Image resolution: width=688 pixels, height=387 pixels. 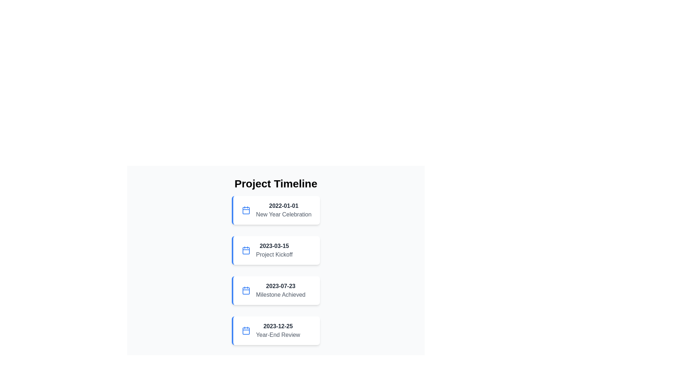 What do you see at coordinates (280, 290) in the screenshot?
I see `the Text label element displaying 'Milestone Achieved' which is part of the 'Project Timeline' list, located below '2023-03-15 Project Kickoff' and above '2023-12-25 Year-End Review'` at bounding box center [280, 290].